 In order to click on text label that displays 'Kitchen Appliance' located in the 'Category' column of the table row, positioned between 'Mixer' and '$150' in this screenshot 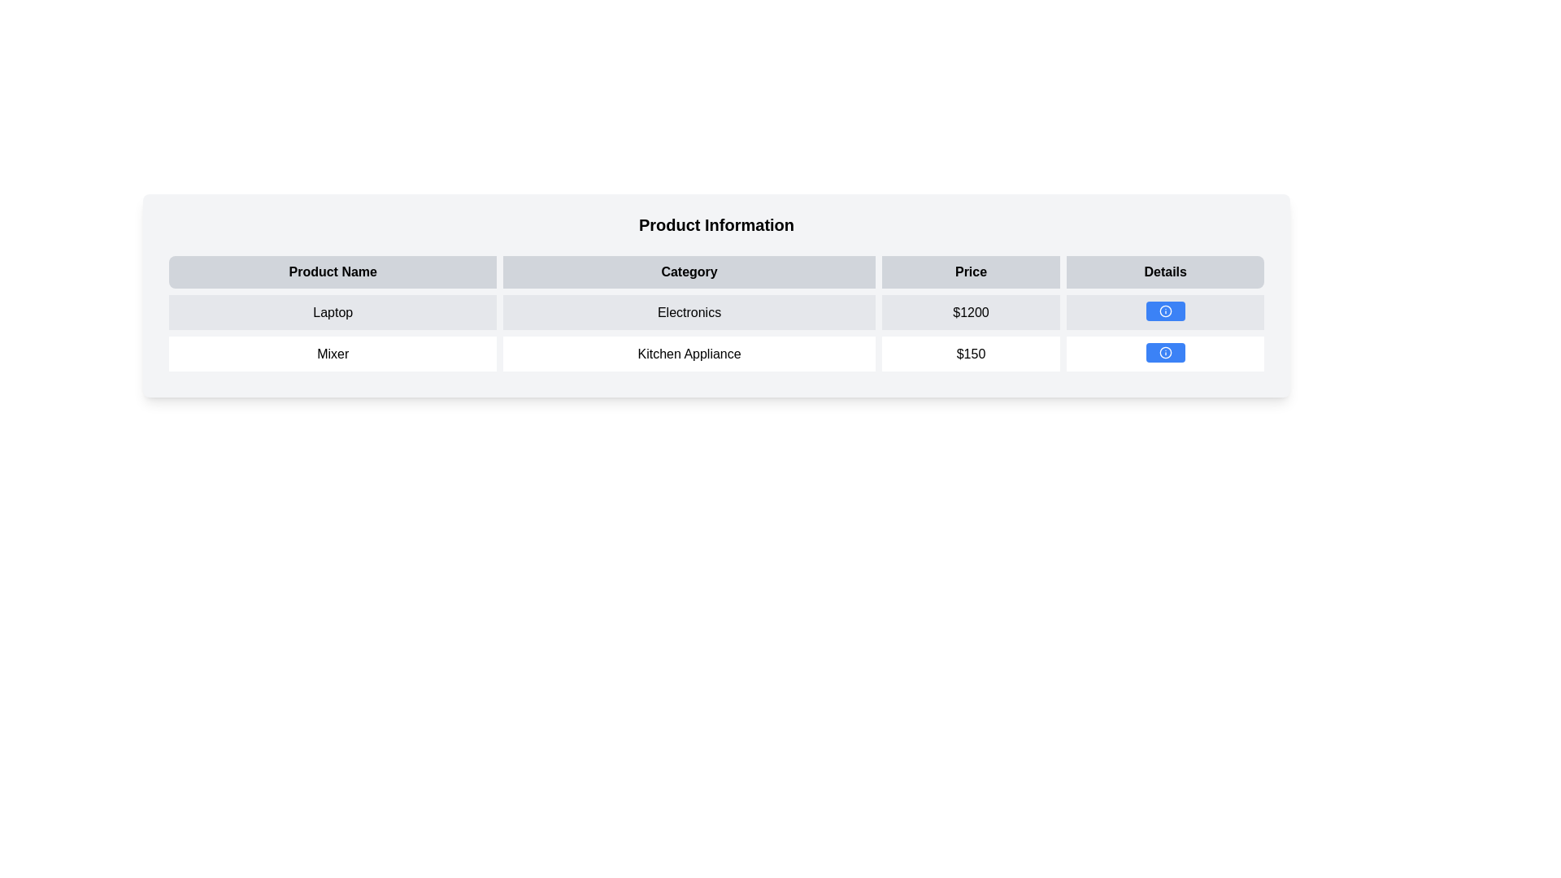, I will do `click(689, 353)`.